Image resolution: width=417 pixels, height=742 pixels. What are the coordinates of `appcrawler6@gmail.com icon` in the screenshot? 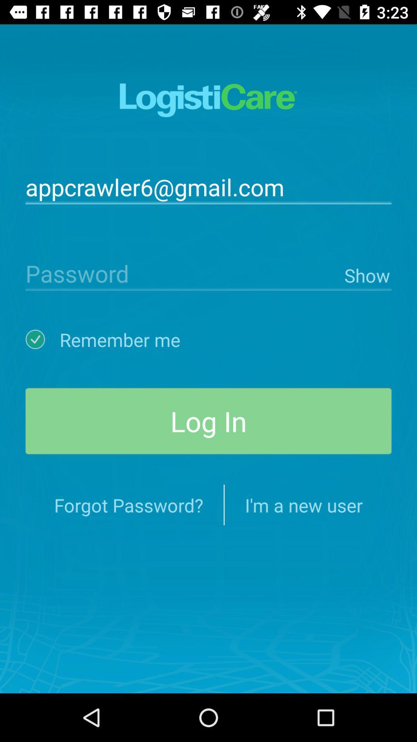 It's located at (208, 186).